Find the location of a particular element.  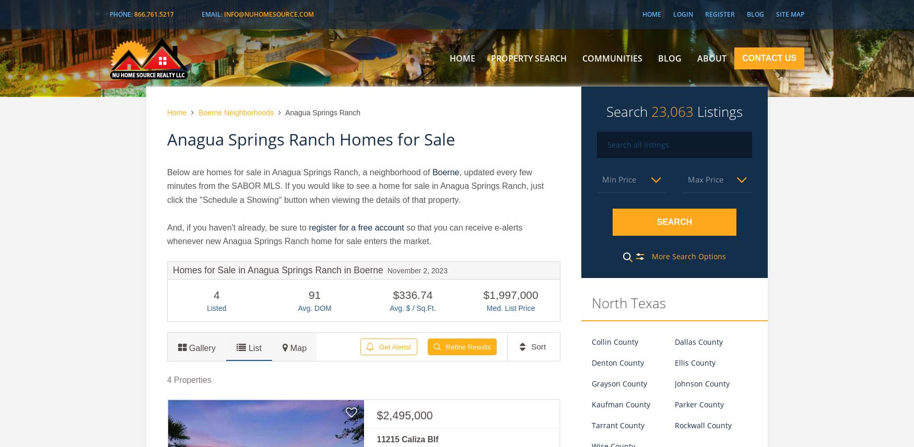

'Parker County' is located at coordinates (699, 404).